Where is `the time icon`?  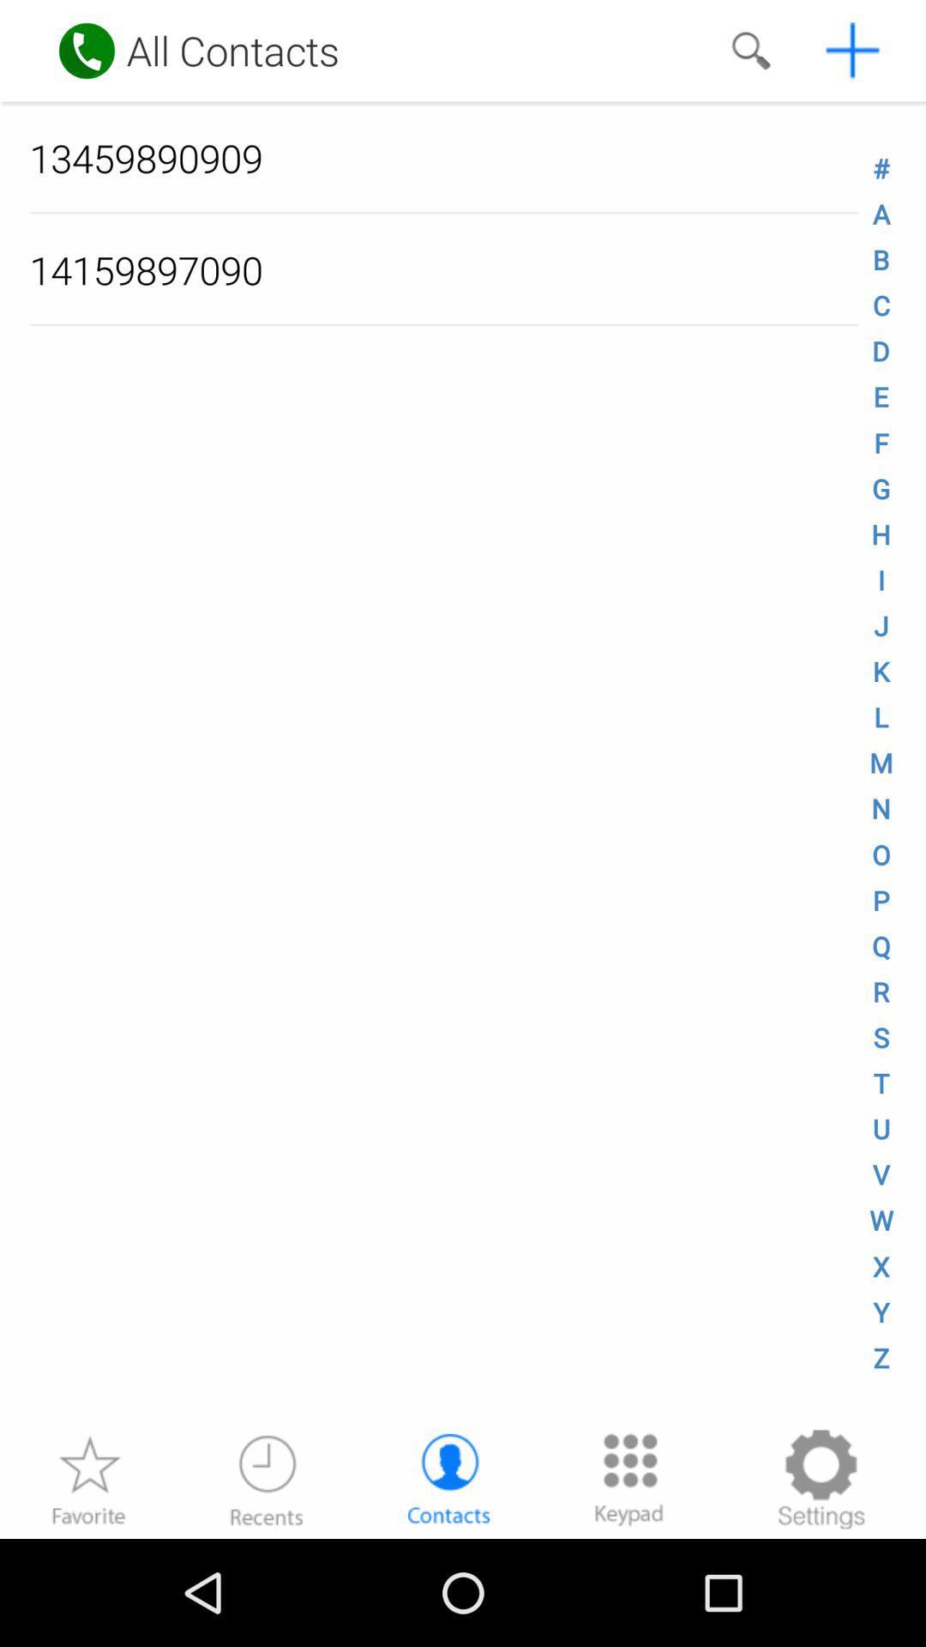 the time icon is located at coordinates (267, 1582).